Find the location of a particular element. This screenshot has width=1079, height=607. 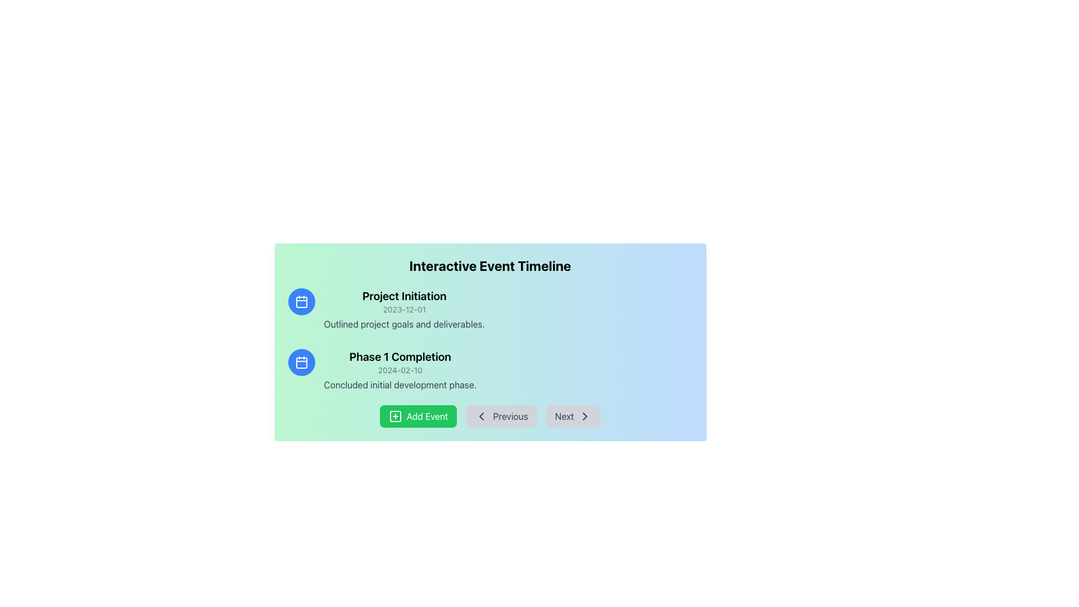

the informational panel titled 'Phase 1 Completion' with the date '2024-02-10' and description 'Concluded initial development phase.' is located at coordinates (490, 370).